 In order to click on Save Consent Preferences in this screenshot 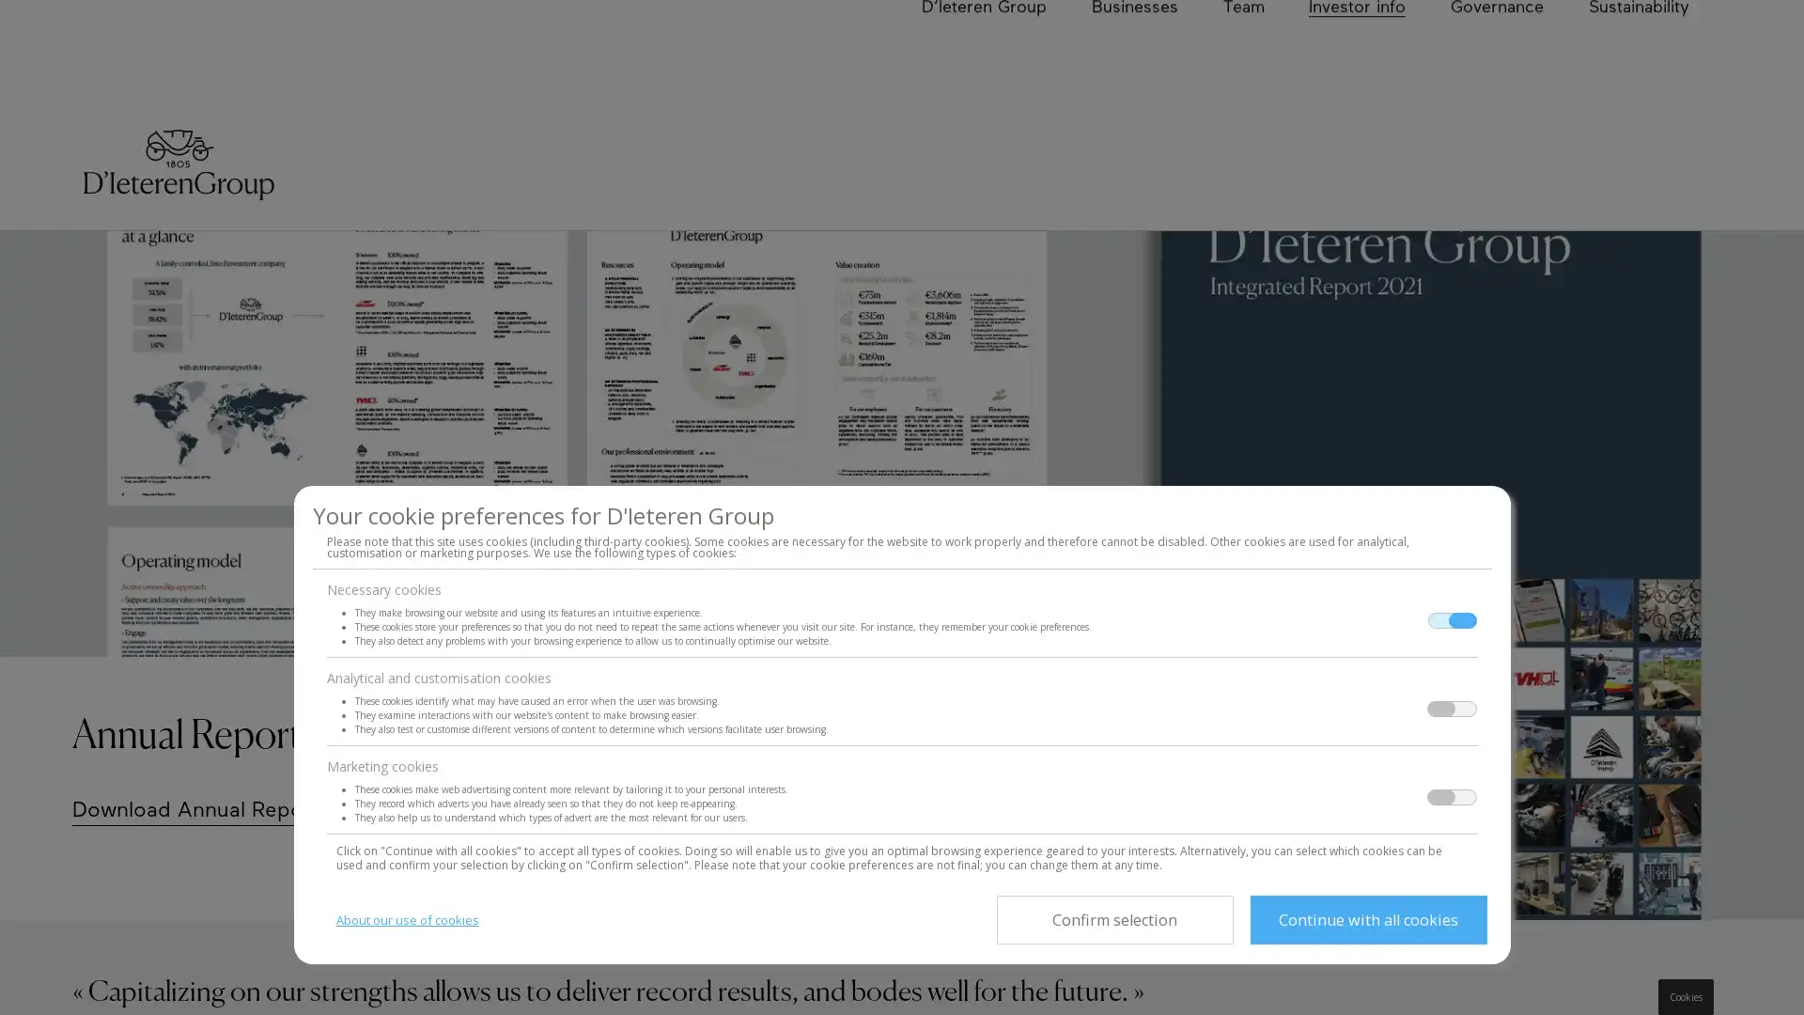, I will do `click(1113, 919)`.